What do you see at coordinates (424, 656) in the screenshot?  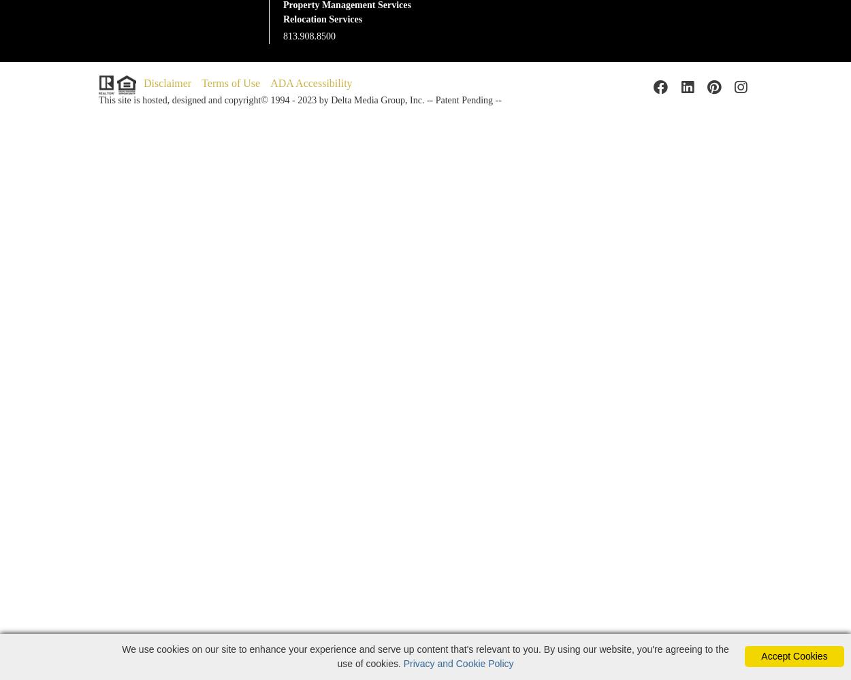 I see `'We use cookies on our site to enhance your experience and serve up content that's relevant to you. By using our website, you're agreeing to the use of cookies.'` at bounding box center [424, 656].